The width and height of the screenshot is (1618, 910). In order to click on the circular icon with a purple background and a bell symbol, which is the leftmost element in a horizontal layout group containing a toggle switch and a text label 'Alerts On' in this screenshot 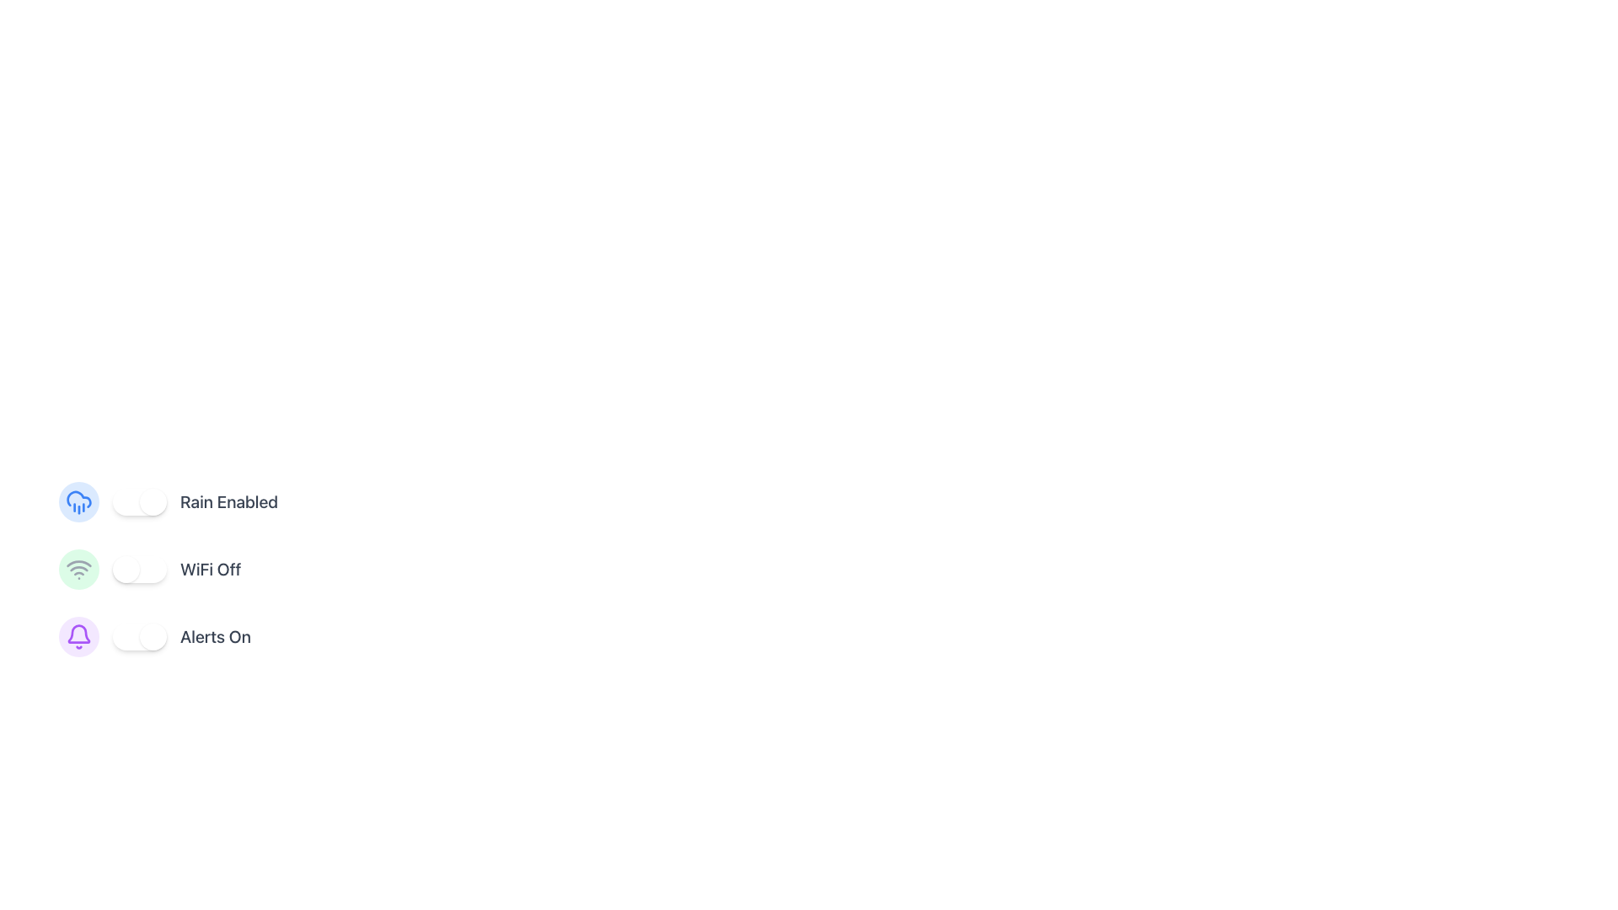, I will do `click(78, 637)`.